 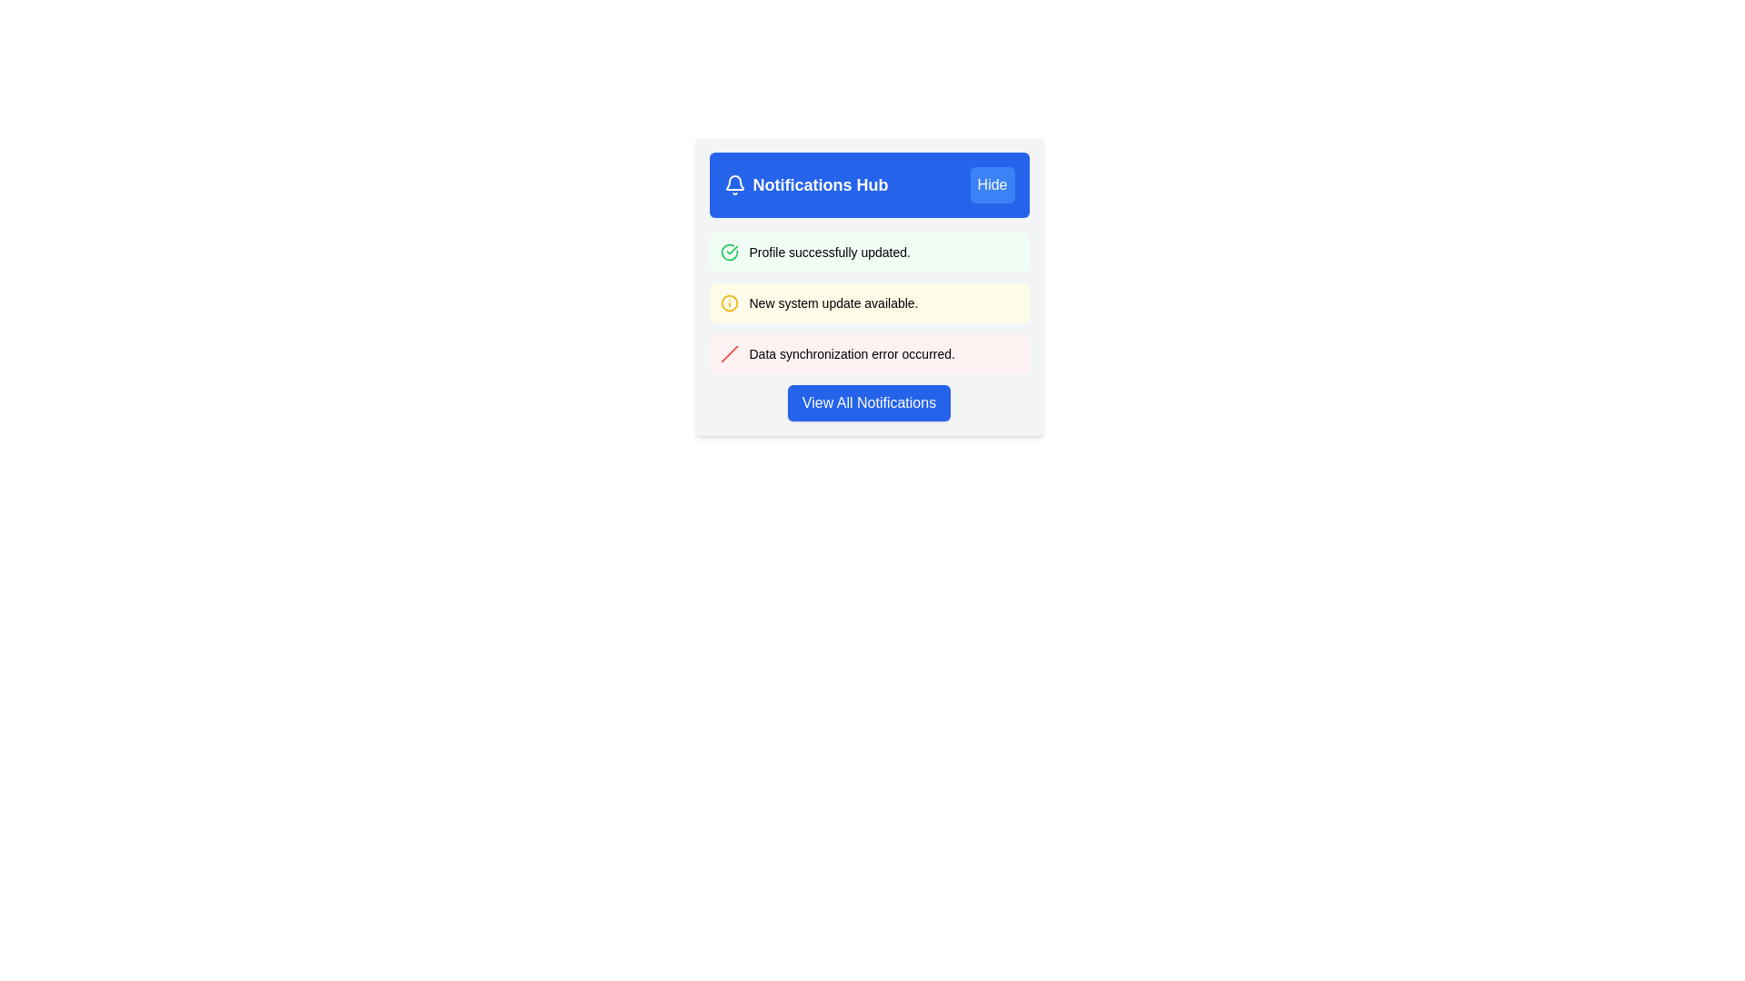 I want to click on the button located at the top-right corner of the 'Notifications Hub' section to change its color, so click(x=992, y=185).